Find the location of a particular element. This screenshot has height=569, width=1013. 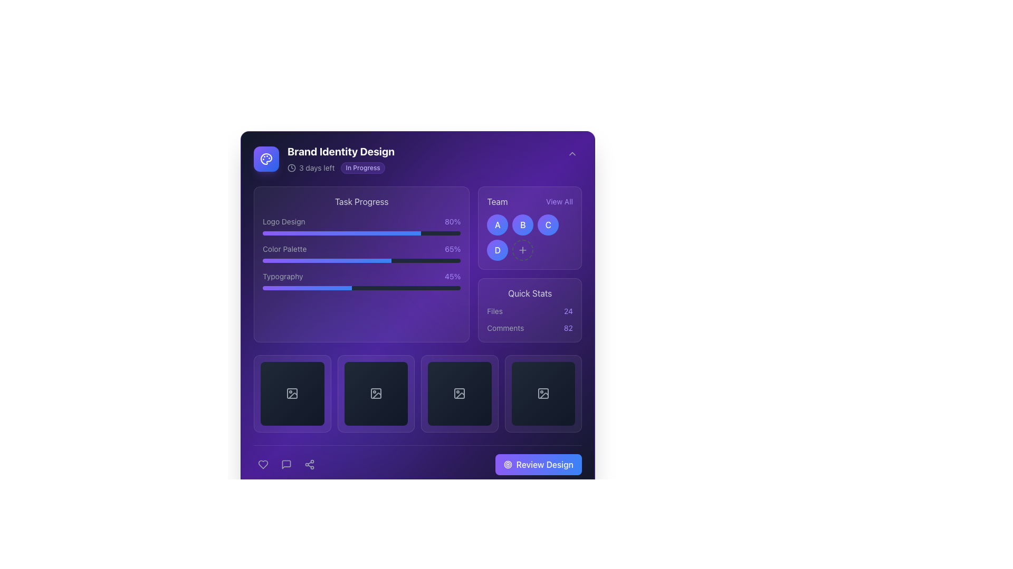

the first interactive image placeholder button located in the grid layout near the bottom of the interface is located at coordinates (292, 394).